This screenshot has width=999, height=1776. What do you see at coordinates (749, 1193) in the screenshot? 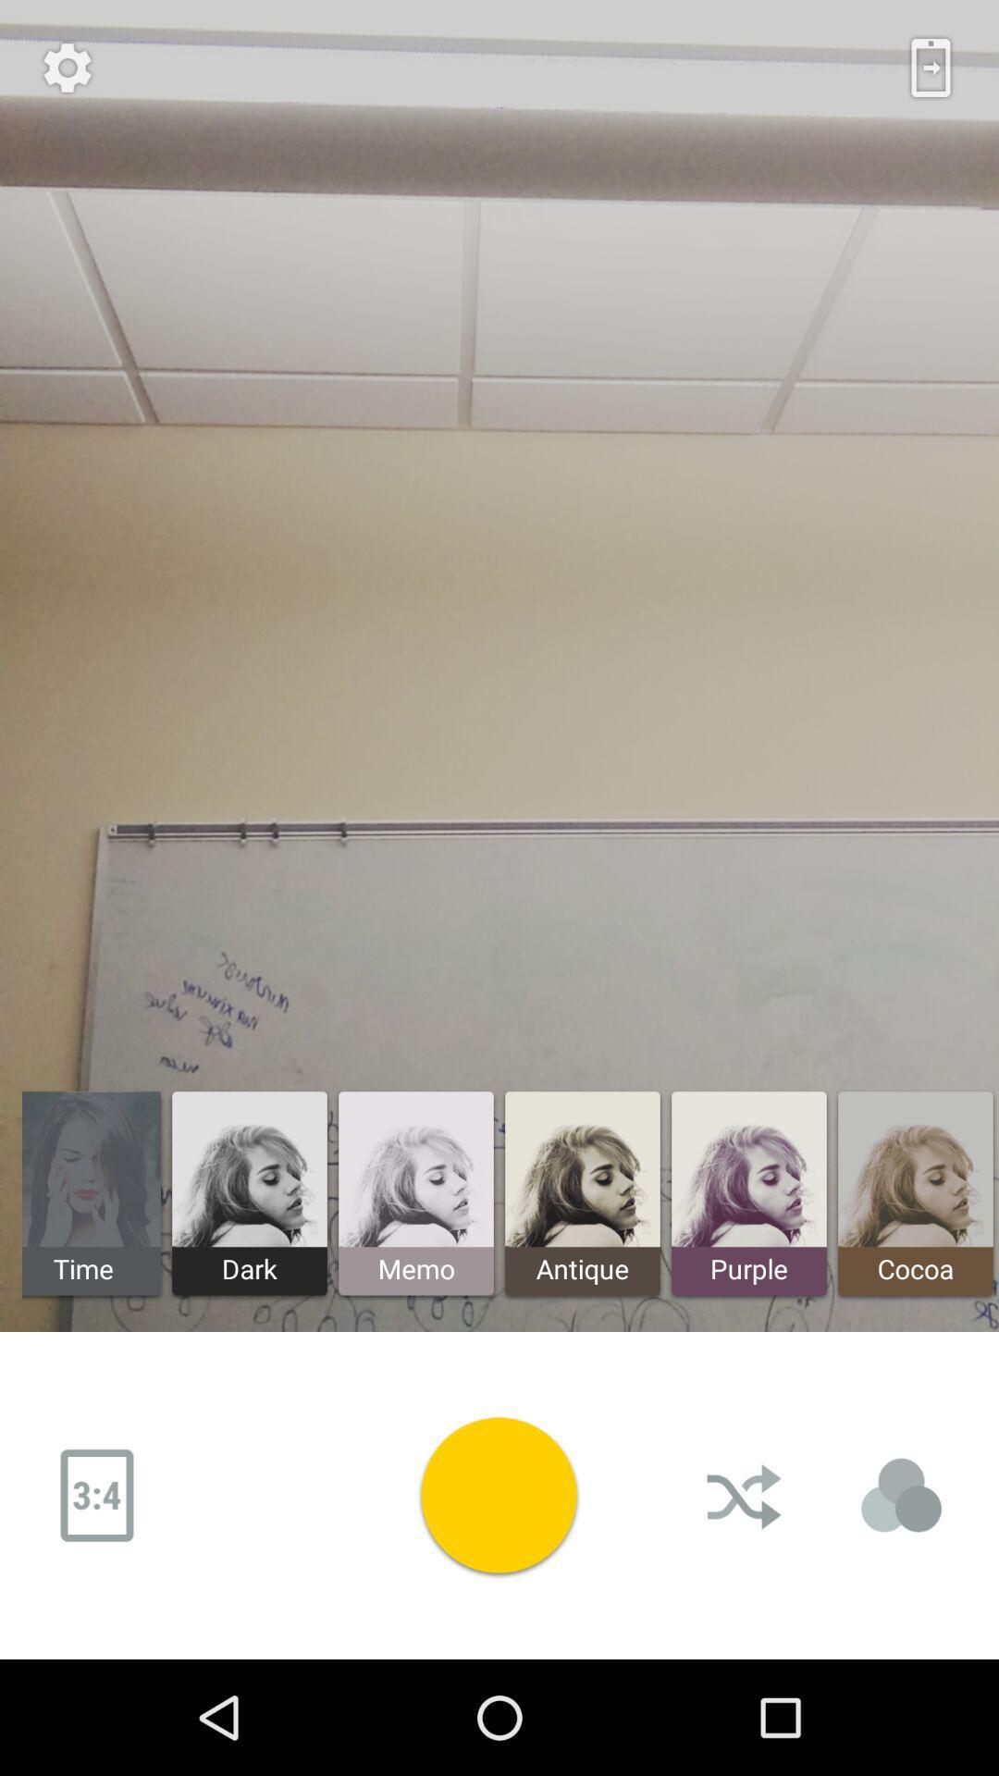
I see `the button next to antique` at bounding box center [749, 1193].